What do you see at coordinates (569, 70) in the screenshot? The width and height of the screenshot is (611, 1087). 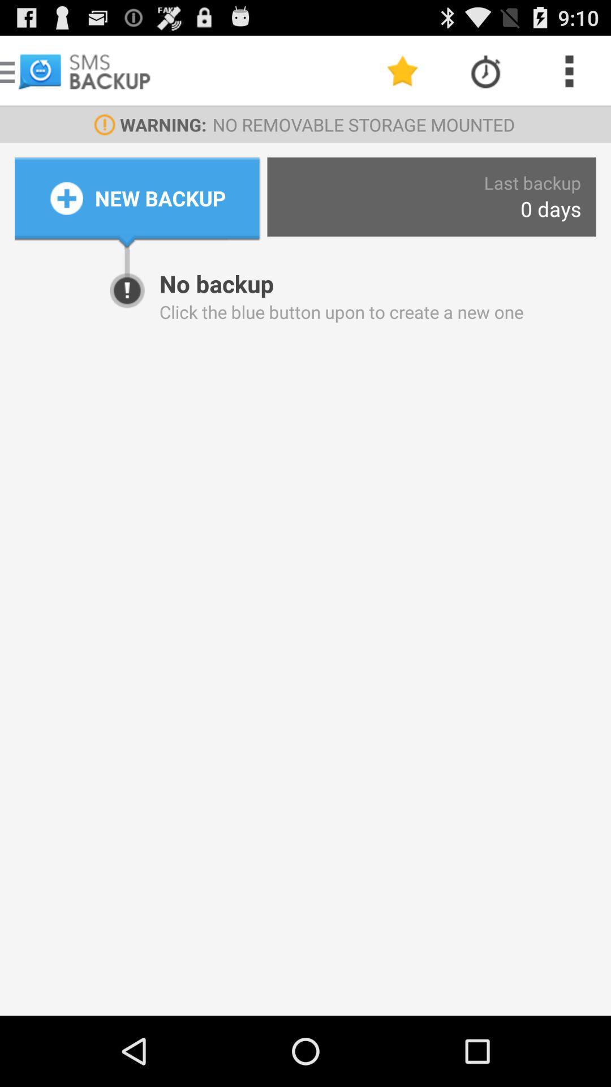 I see `the icon above last backup icon` at bounding box center [569, 70].